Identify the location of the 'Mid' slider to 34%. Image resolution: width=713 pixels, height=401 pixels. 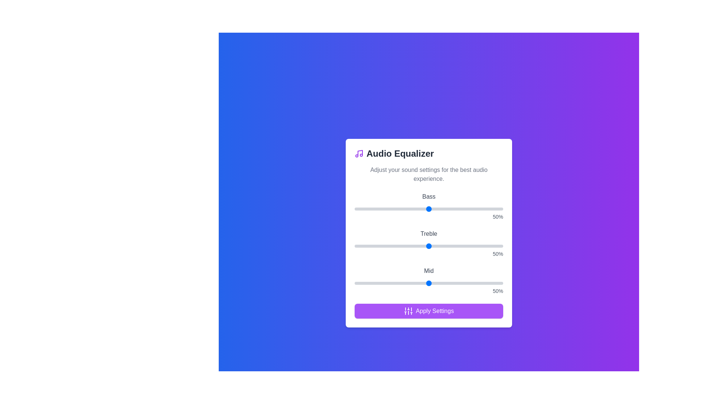
(404, 283).